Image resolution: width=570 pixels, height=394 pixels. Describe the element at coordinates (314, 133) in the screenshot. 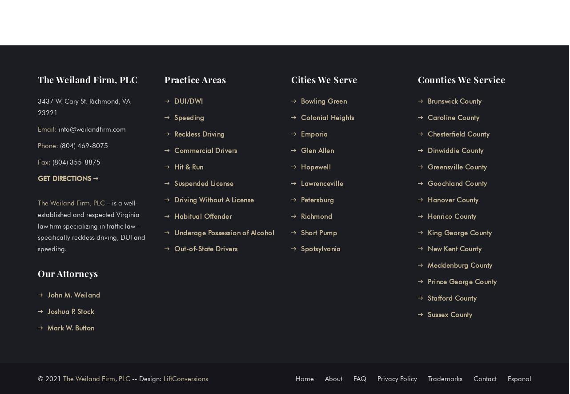

I see `'Emporia'` at that location.